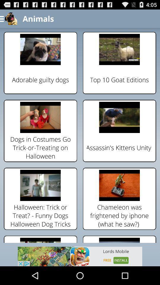 This screenshot has width=160, height=285. Describe the element at coordinates (80, 256) in the screenshot. I see `visit advertised site` at that location.